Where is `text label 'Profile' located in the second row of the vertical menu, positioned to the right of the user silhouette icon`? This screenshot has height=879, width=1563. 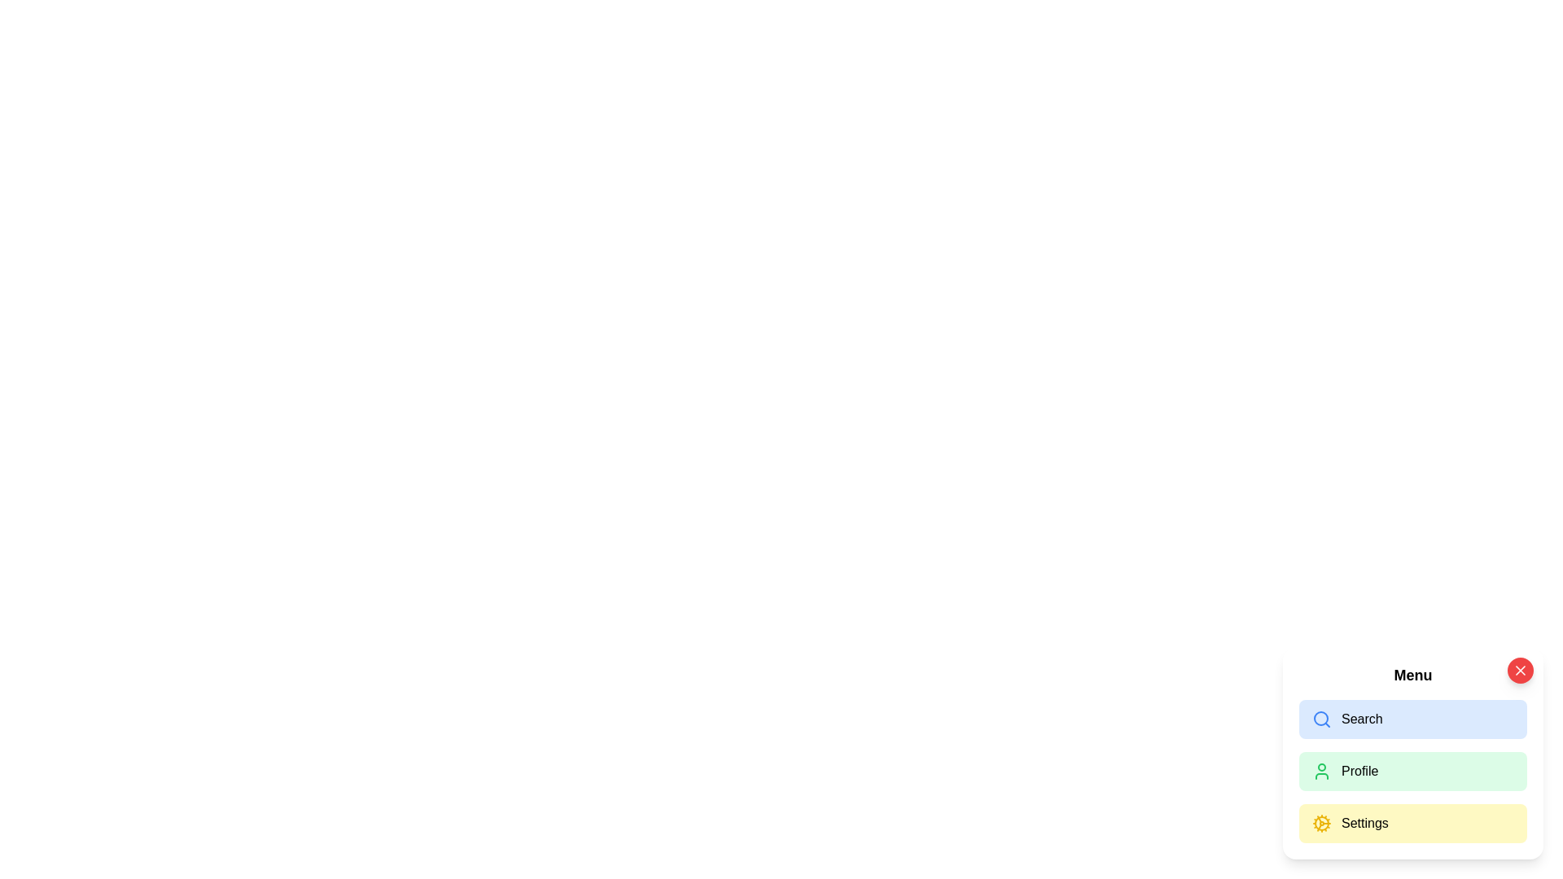
text label 'Profile' located in the second row of the vertical menu, positioned to the right of the user silhouette icon is located at coordinates (1359, 771).